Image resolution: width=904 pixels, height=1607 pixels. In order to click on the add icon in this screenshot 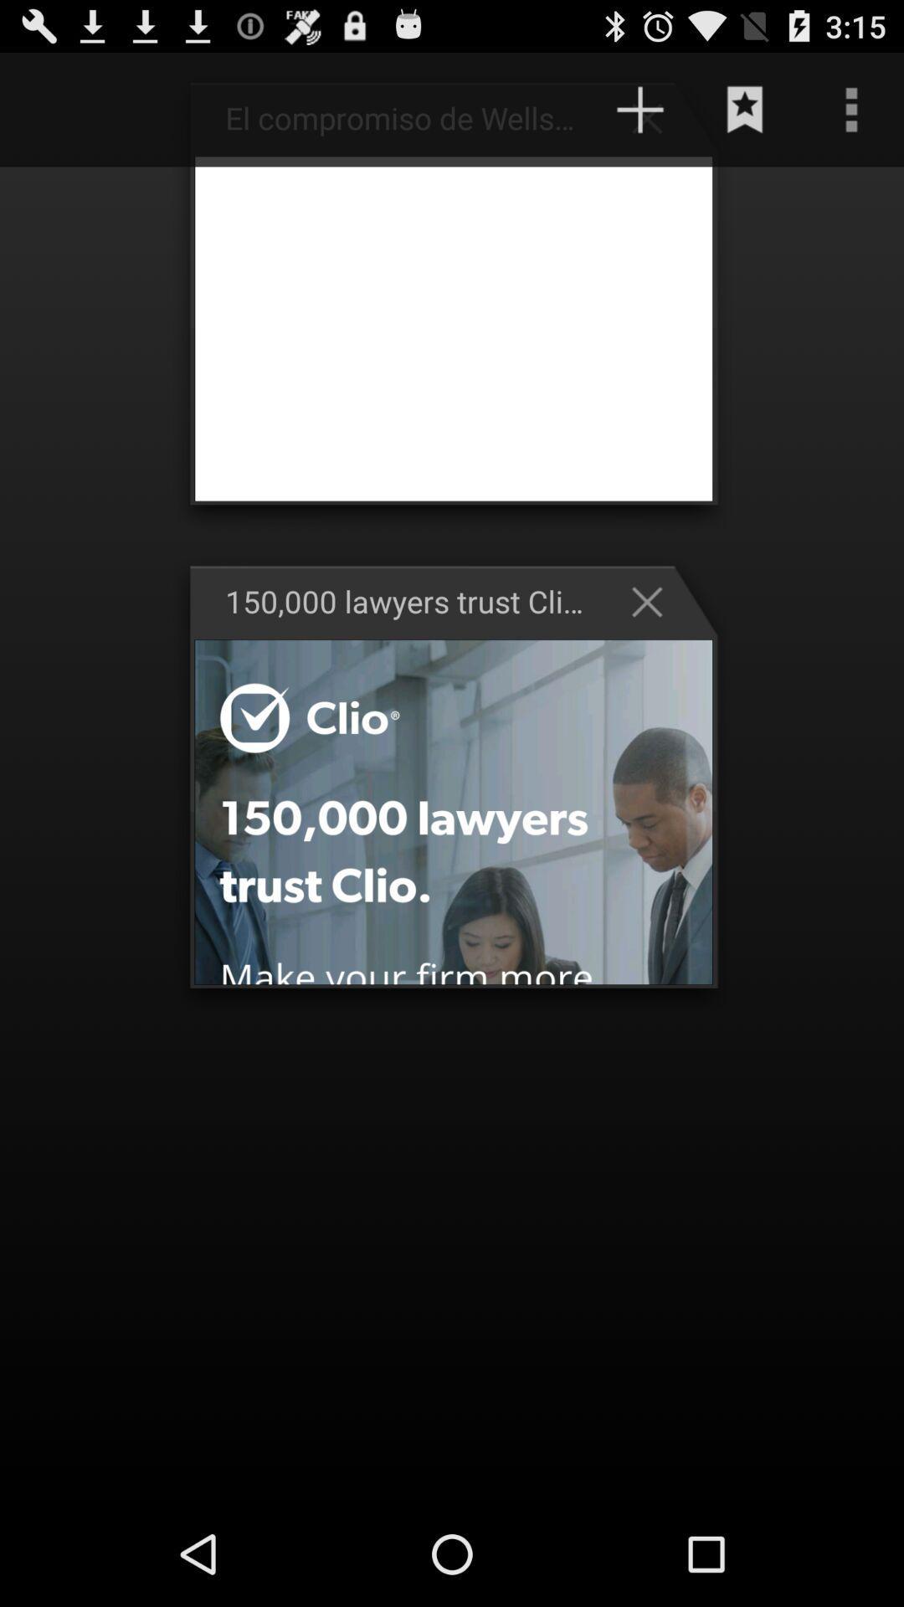, I will do `click(639, 116)`.